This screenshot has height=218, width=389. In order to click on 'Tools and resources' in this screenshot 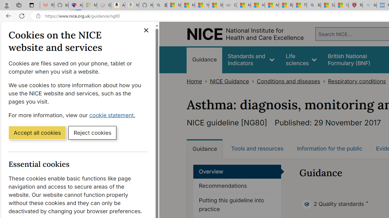, I will do `click(257, 149)`.